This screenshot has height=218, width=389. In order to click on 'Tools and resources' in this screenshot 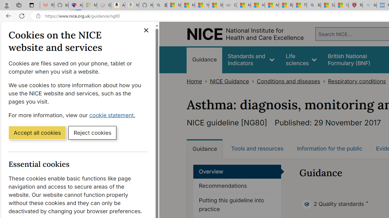, I will do `click(257, 149)`.